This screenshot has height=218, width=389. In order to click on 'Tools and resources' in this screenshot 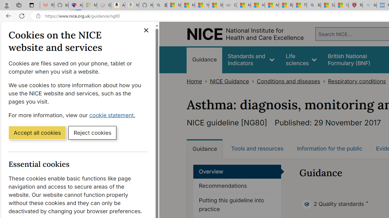, I will do `click(257, 149)`.